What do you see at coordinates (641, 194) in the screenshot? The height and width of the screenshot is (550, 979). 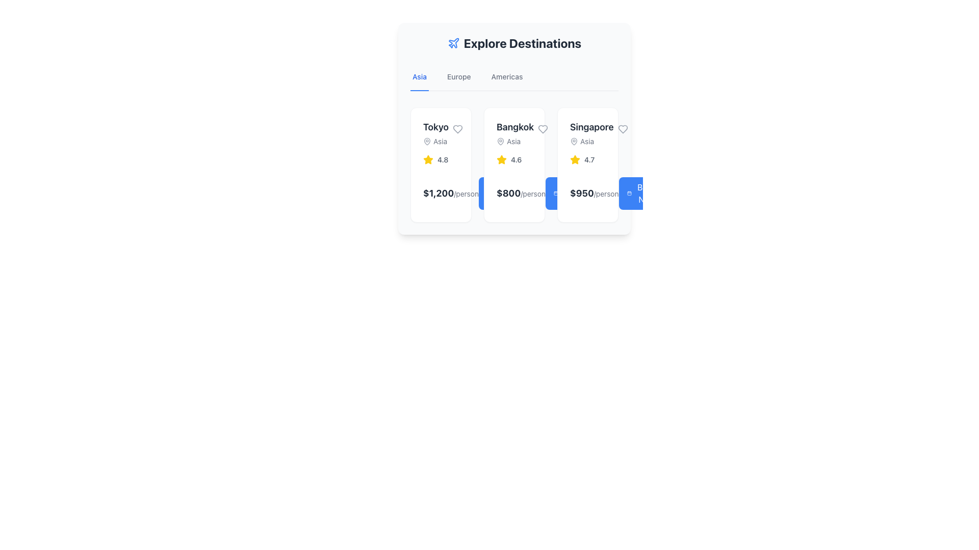 I see `the 'Book Now' button, which is a rectangular button with a blue background and white text located at the bottom-right of the 'Singapore' card in the pricing section` at bounding box center [641, 194].